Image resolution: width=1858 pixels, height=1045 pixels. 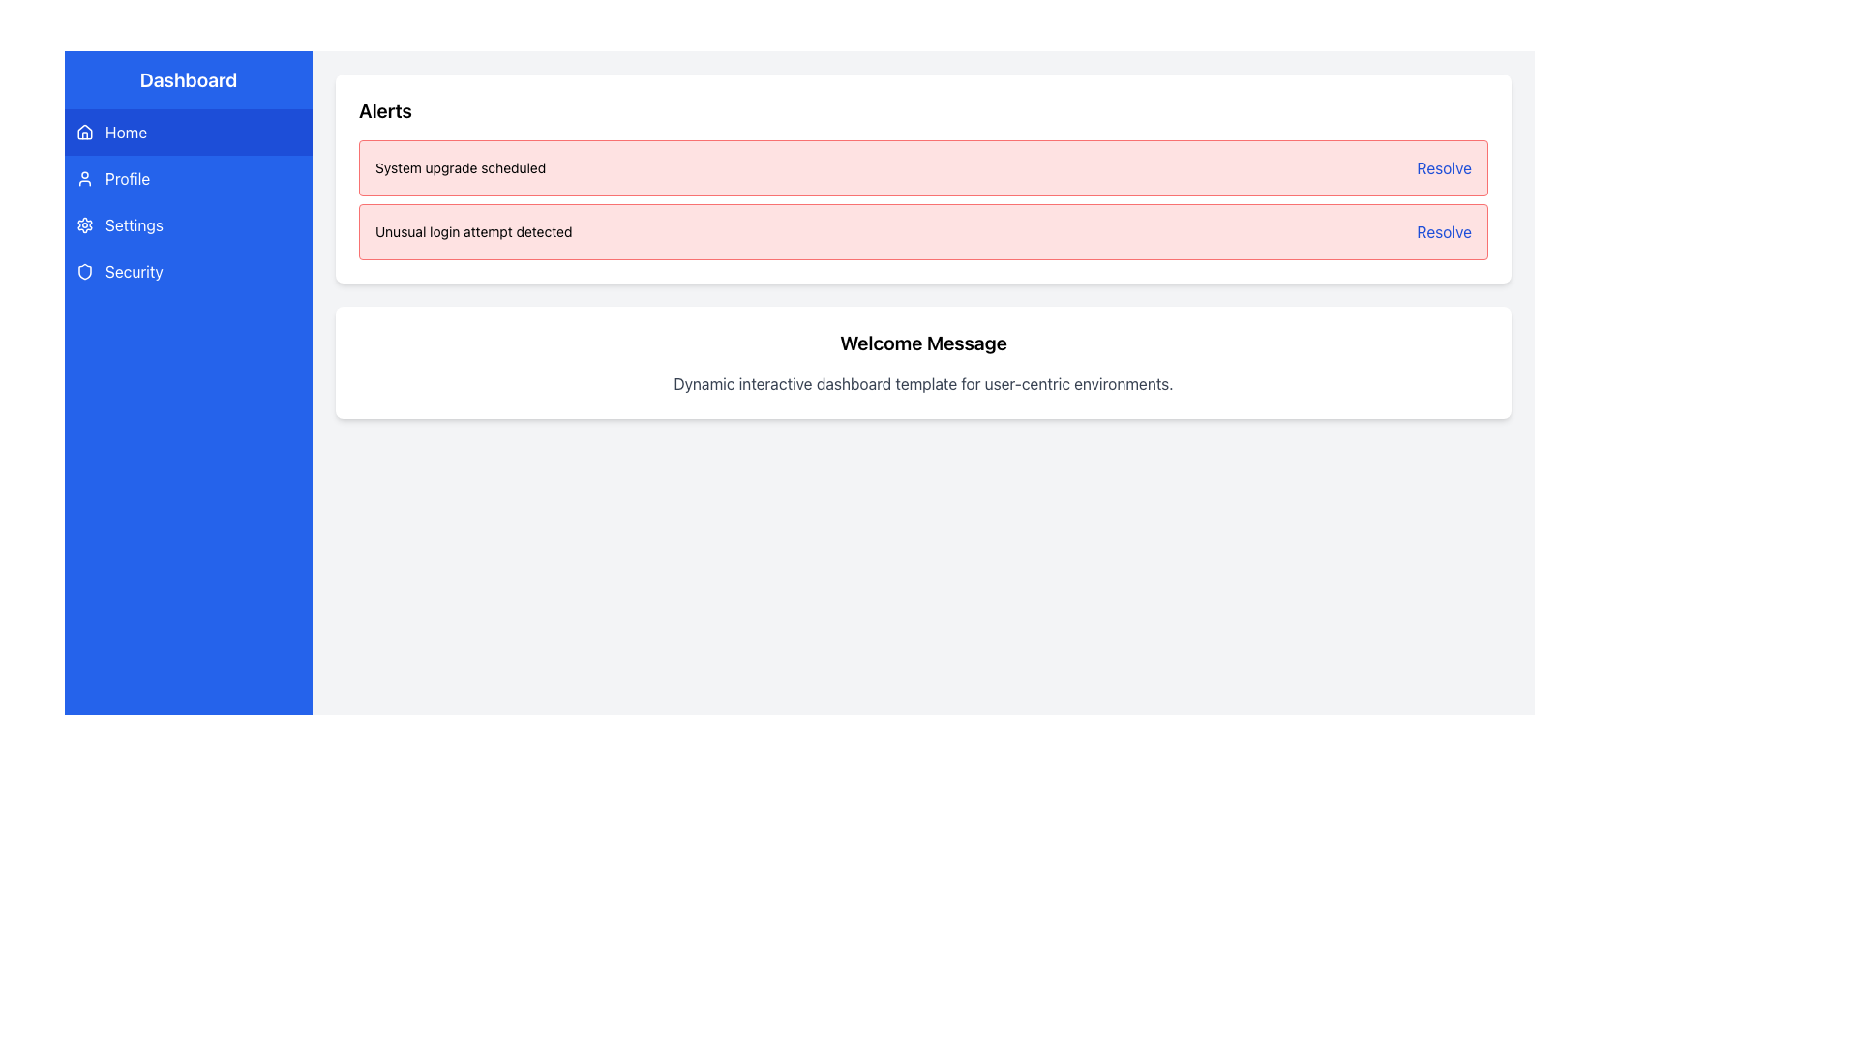 What do you see at coordinates (83, 272) in the screenshot?
I see `the shield icon representing the 'Security' section in the sidebar of the dashboard application` at bounding box center [83, 272].